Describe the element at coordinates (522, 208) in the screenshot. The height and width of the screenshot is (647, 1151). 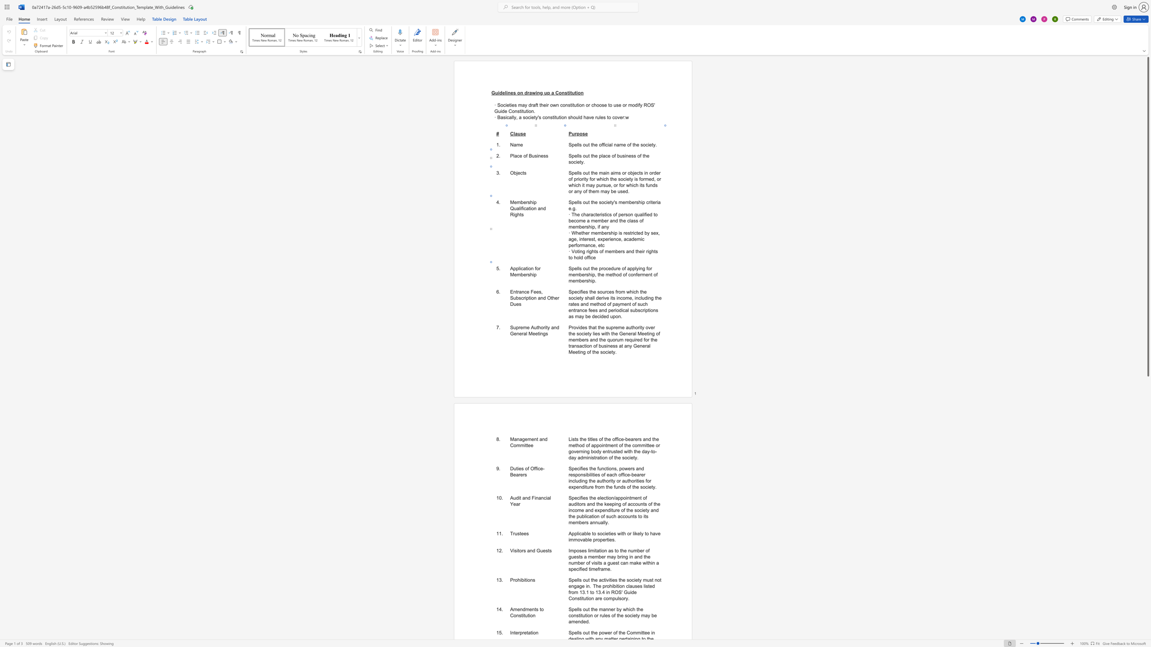
I see `the space between the continuous character "f" and "i" in the text` at that location.